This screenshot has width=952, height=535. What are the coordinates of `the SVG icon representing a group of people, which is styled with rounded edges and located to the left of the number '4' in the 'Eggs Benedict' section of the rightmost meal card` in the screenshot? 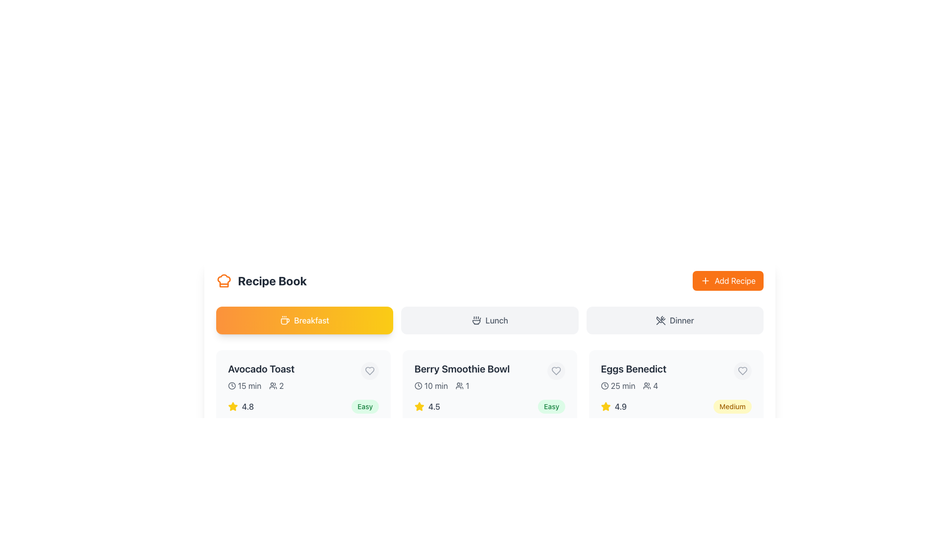 It's located at (647, 385).